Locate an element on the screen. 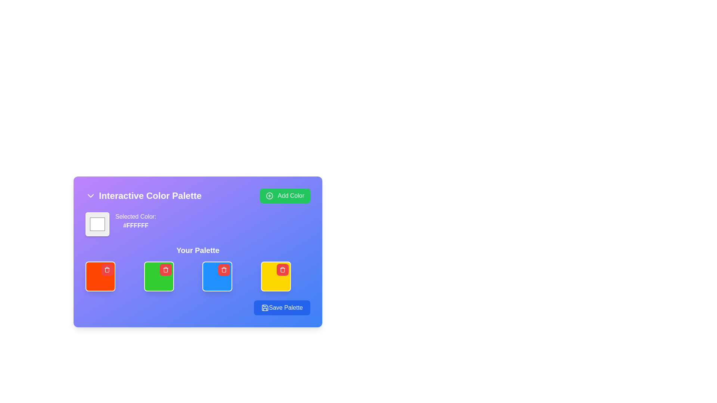  the static text label displaying the hex color code '#FFFFFF' styled in bold font, located below 'Selected Color:' in the color palette interface is located at coordinates (136, 225).